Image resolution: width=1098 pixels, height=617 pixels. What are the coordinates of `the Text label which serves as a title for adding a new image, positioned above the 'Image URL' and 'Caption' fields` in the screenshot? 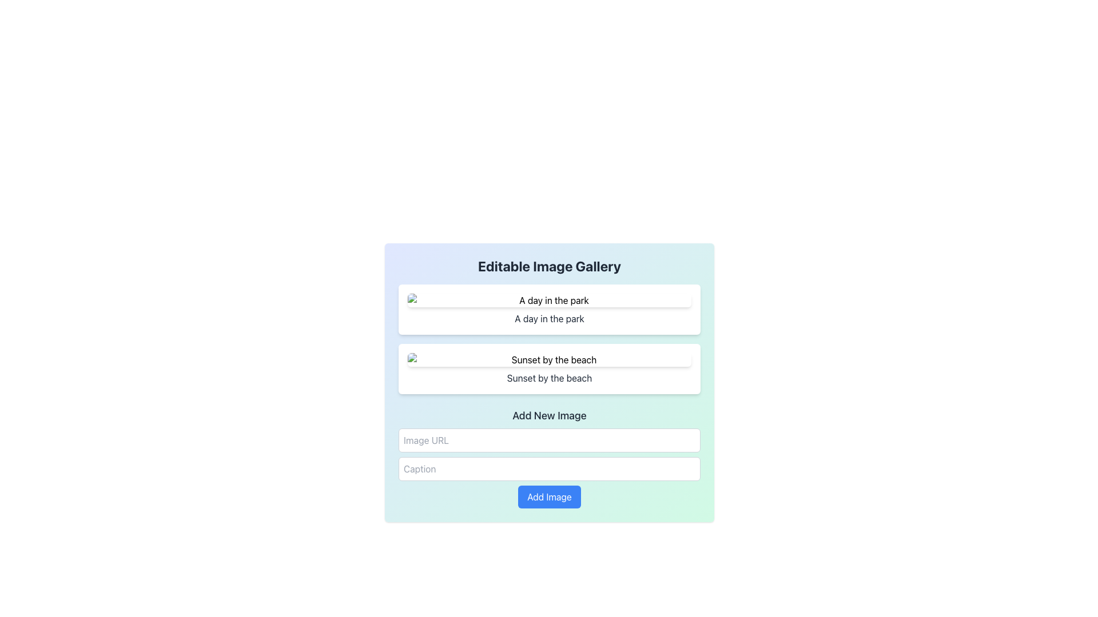 It's located at (549, 416).